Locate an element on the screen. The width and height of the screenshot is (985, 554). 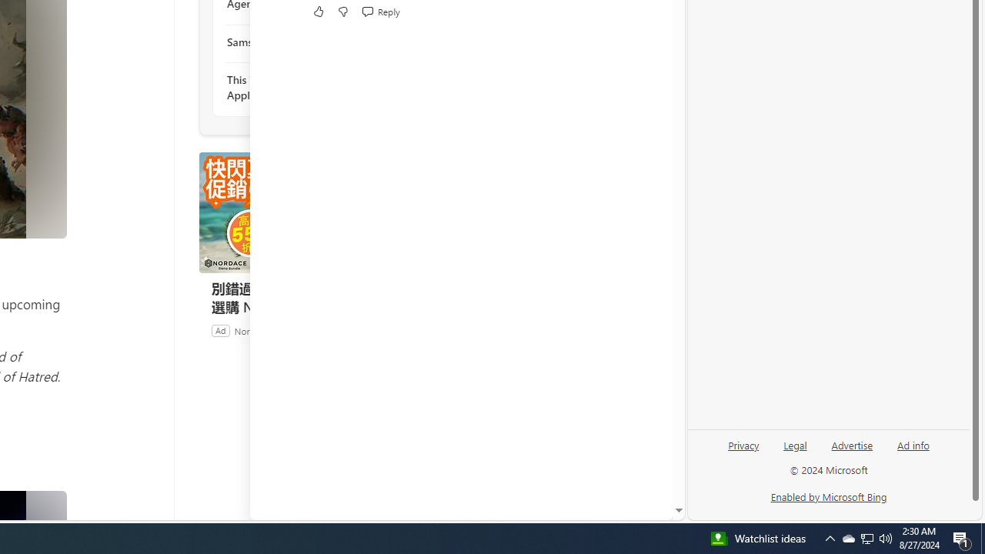
'Samsung Galaxy Watch 7 Review' is located at coordinates (309, 41).